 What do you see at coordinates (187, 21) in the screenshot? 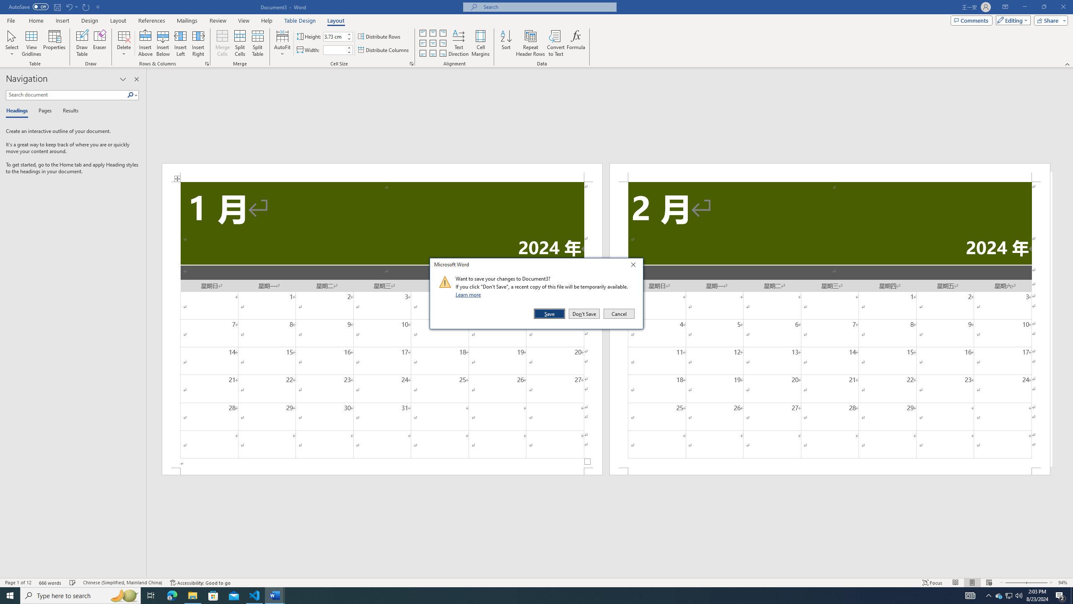
I see `'Mailings'` at bounding box center [187, 21].